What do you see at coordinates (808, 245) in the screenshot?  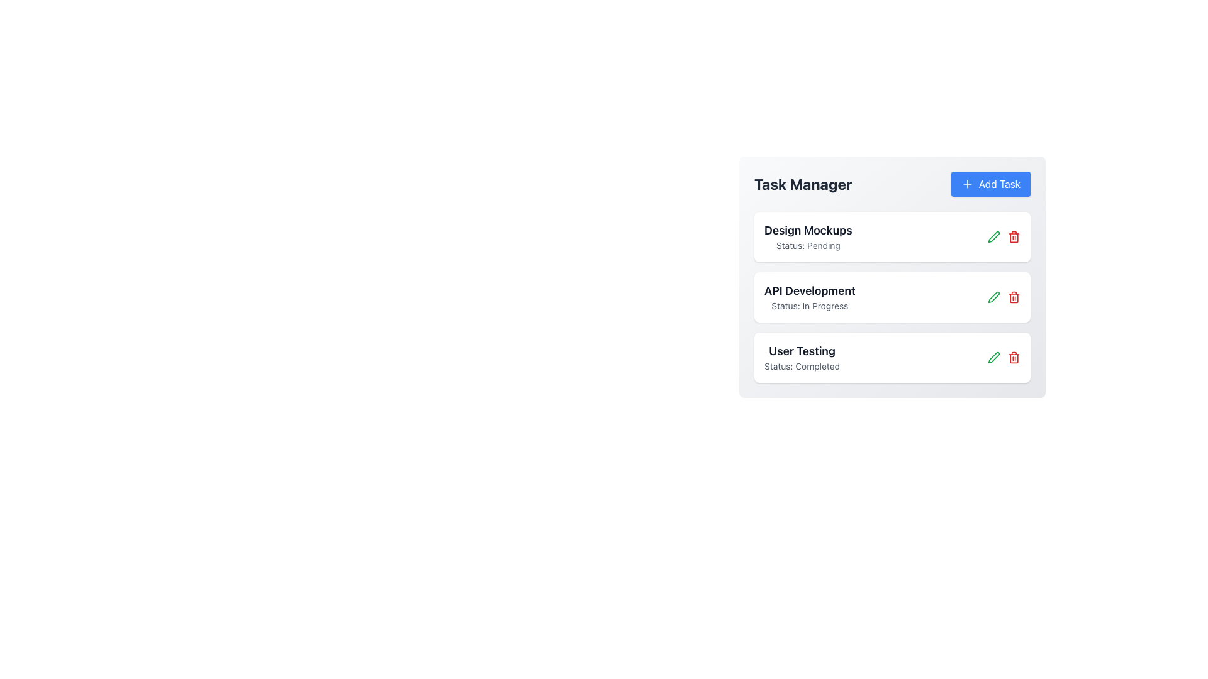 I see `the text label that reads 'Status: Pending', which is styled in gray and positioned below the task title 'Design Mockups'` at bounding box center [808, 245].